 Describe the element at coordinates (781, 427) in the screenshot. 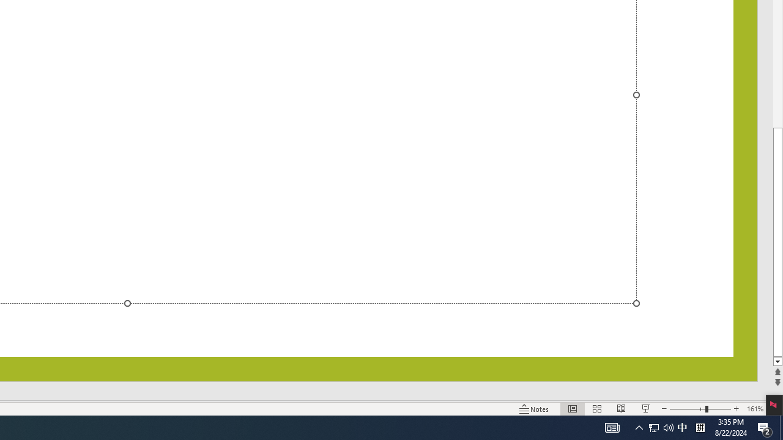

I see `'Action Center, 2 new notifications'` at that location.